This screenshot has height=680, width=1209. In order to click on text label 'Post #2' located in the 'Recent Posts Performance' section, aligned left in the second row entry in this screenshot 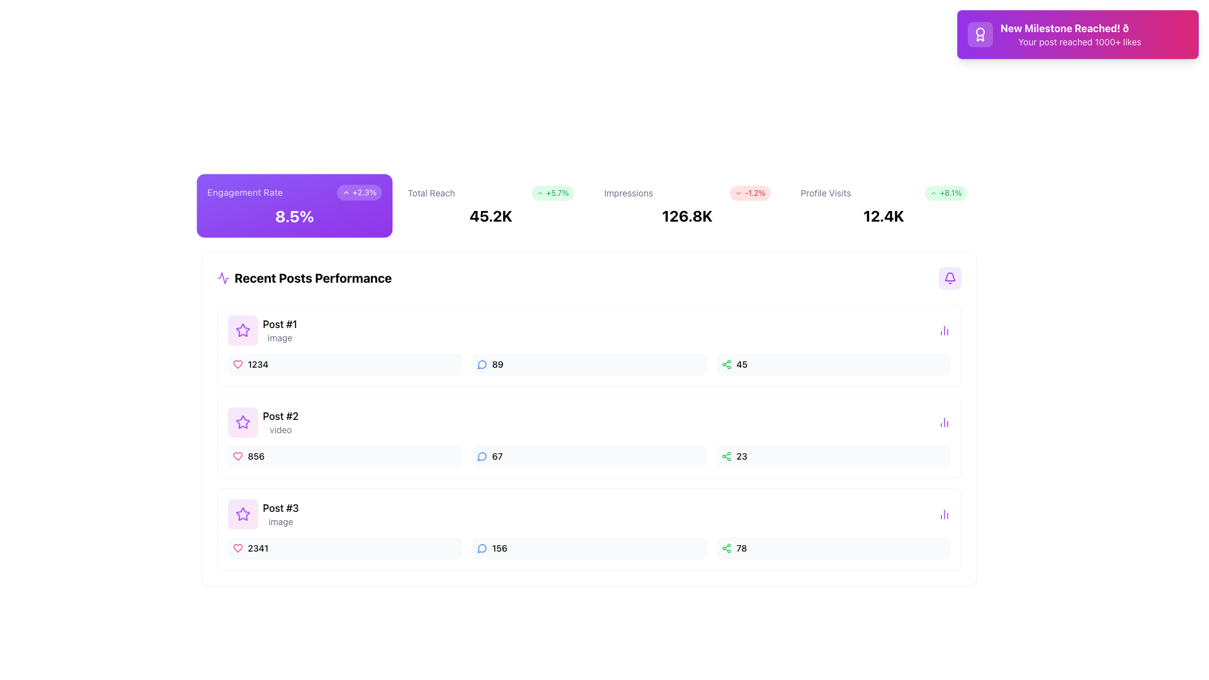, I will do `click(280, 416)`.